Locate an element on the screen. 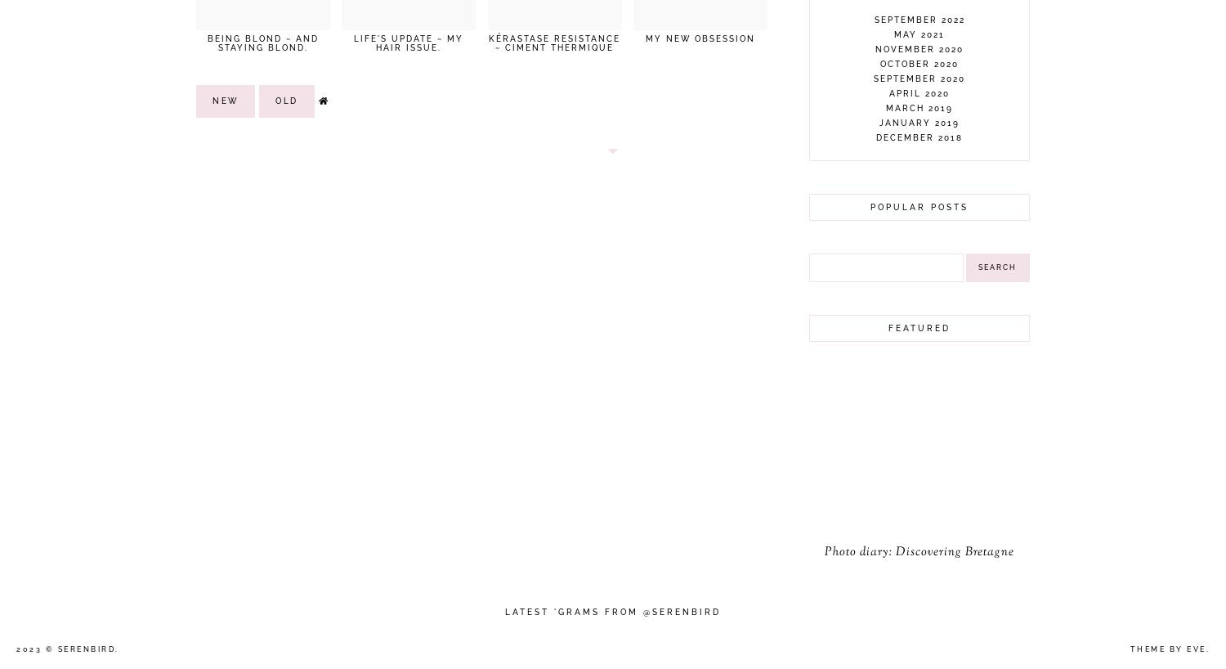  'July 2016' is located at coordinates (919, 505).